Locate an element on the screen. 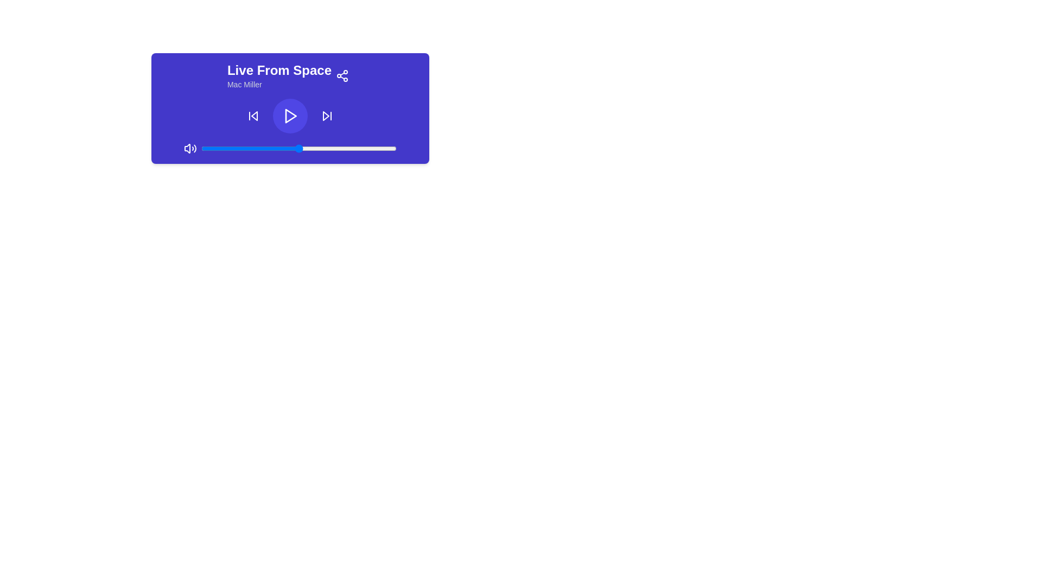 This screenshot has height=586, width=1042. the sharing icon located in the top-right corner of the music player interface to initiate a share action is located at coordinates (342, 75).